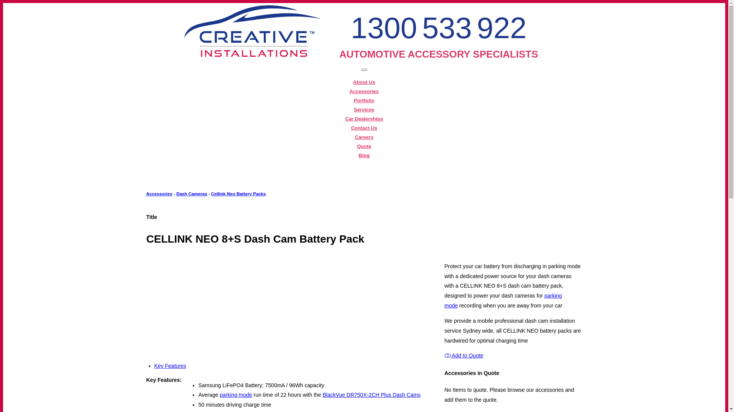 The width and height of the screenshot is (734, 412). What do you see at coordinates (364, 109) in the screenshot?
I see `'Services'` at bounding box center [364, 109].